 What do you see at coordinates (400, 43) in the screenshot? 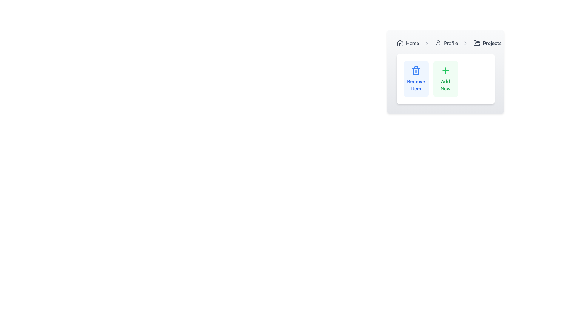
I see `the 'Home' SVG icon in the breadcrumb navigation menu, which is positioned to the left of the 'Home' label` at bounding box center [400, 43].